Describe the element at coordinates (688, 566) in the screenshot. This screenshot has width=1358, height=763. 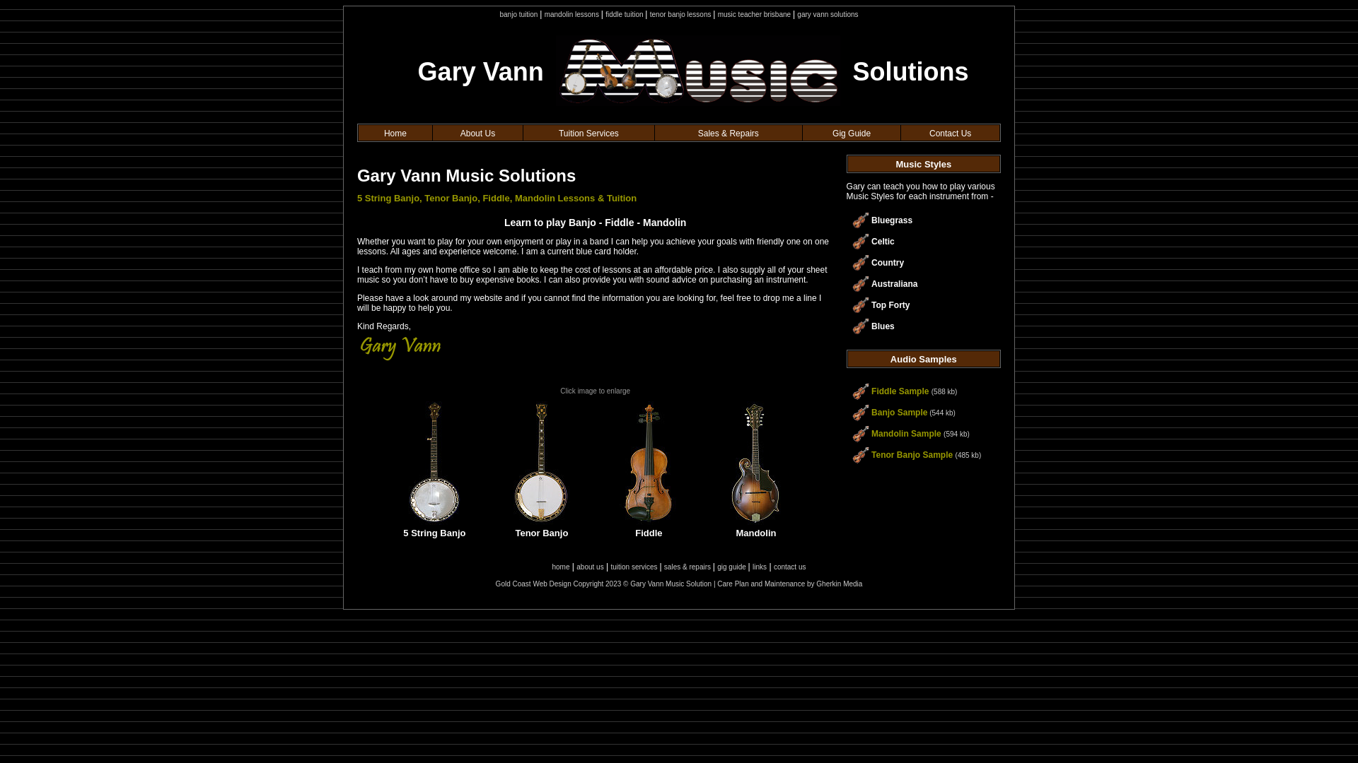
I see `'sales & repairs'` at that location.